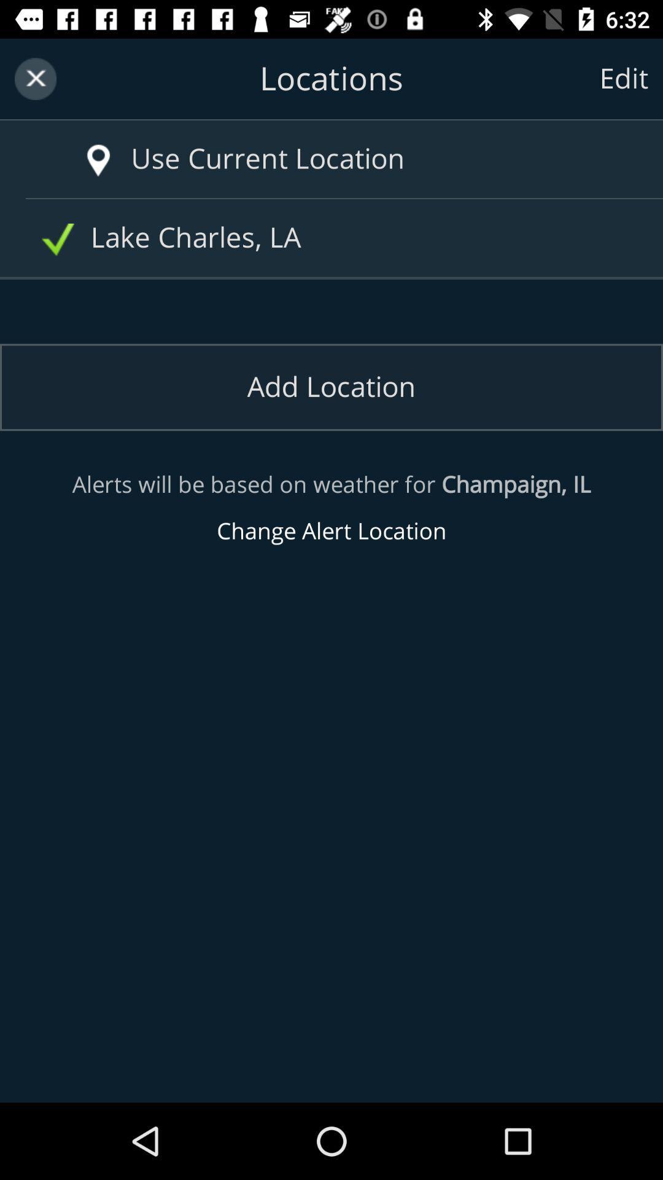  What do you see at coordinates (336, 238) in the screenshot?
I see `the text which is under the text use current location` at bounding box center [336, 238].